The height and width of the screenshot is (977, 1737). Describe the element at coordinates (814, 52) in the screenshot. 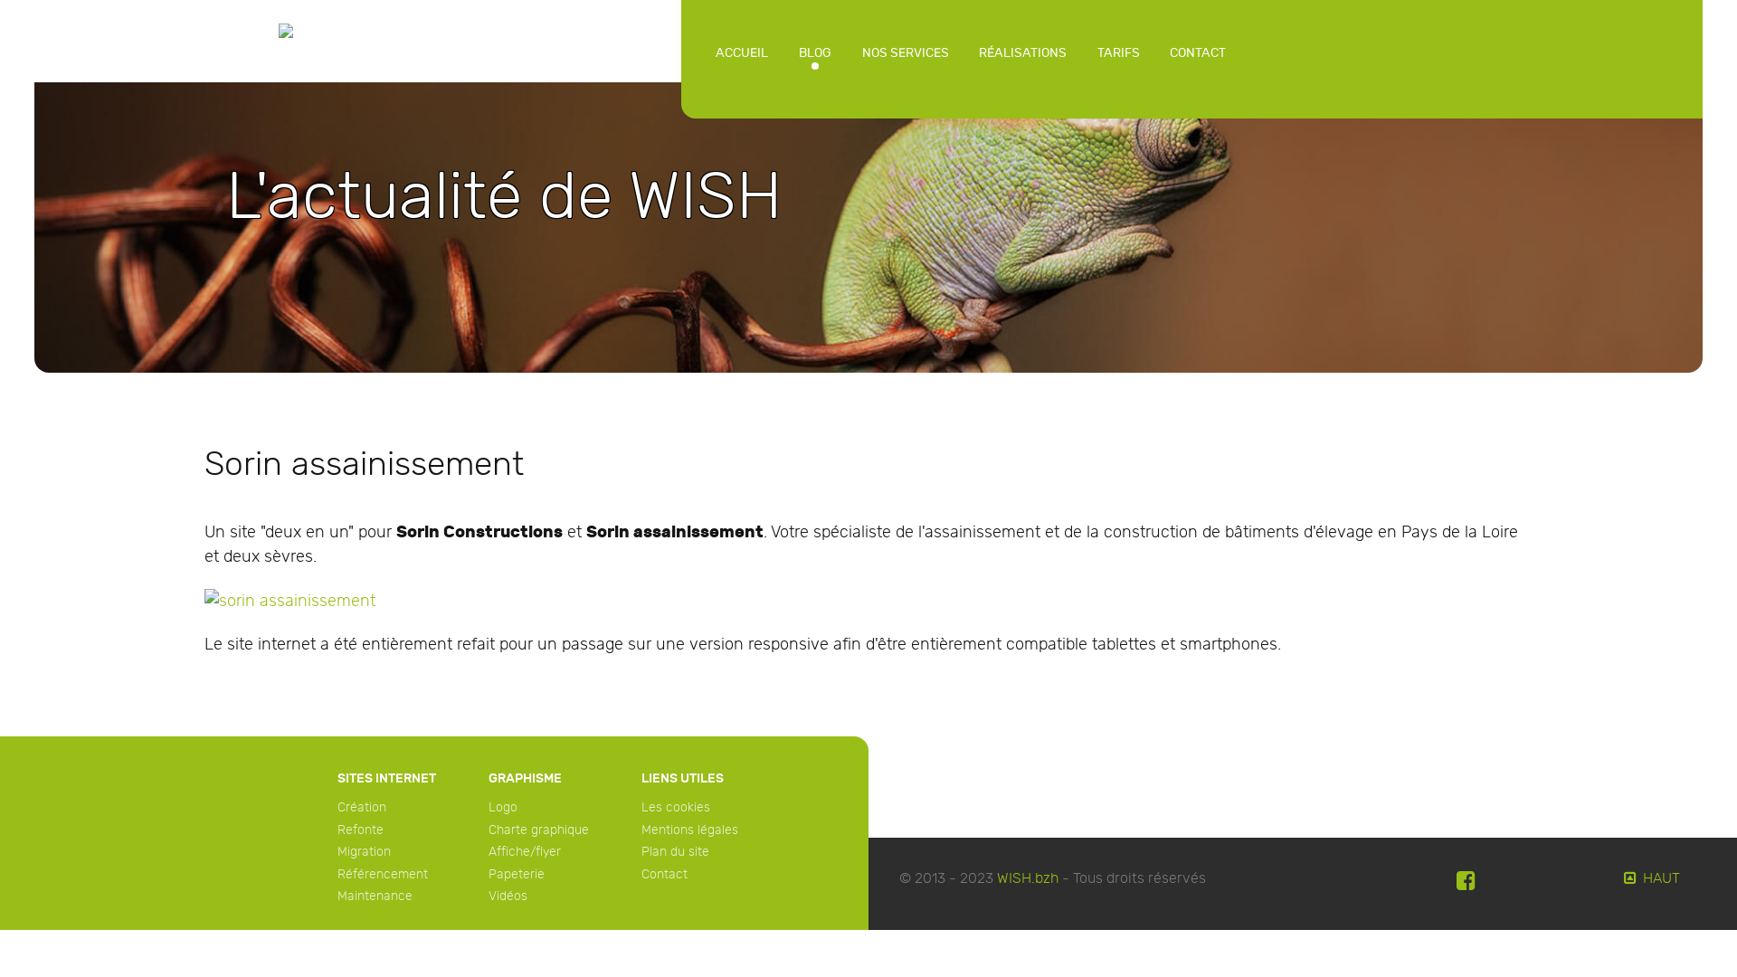

I see `'BLOG'` at that location.